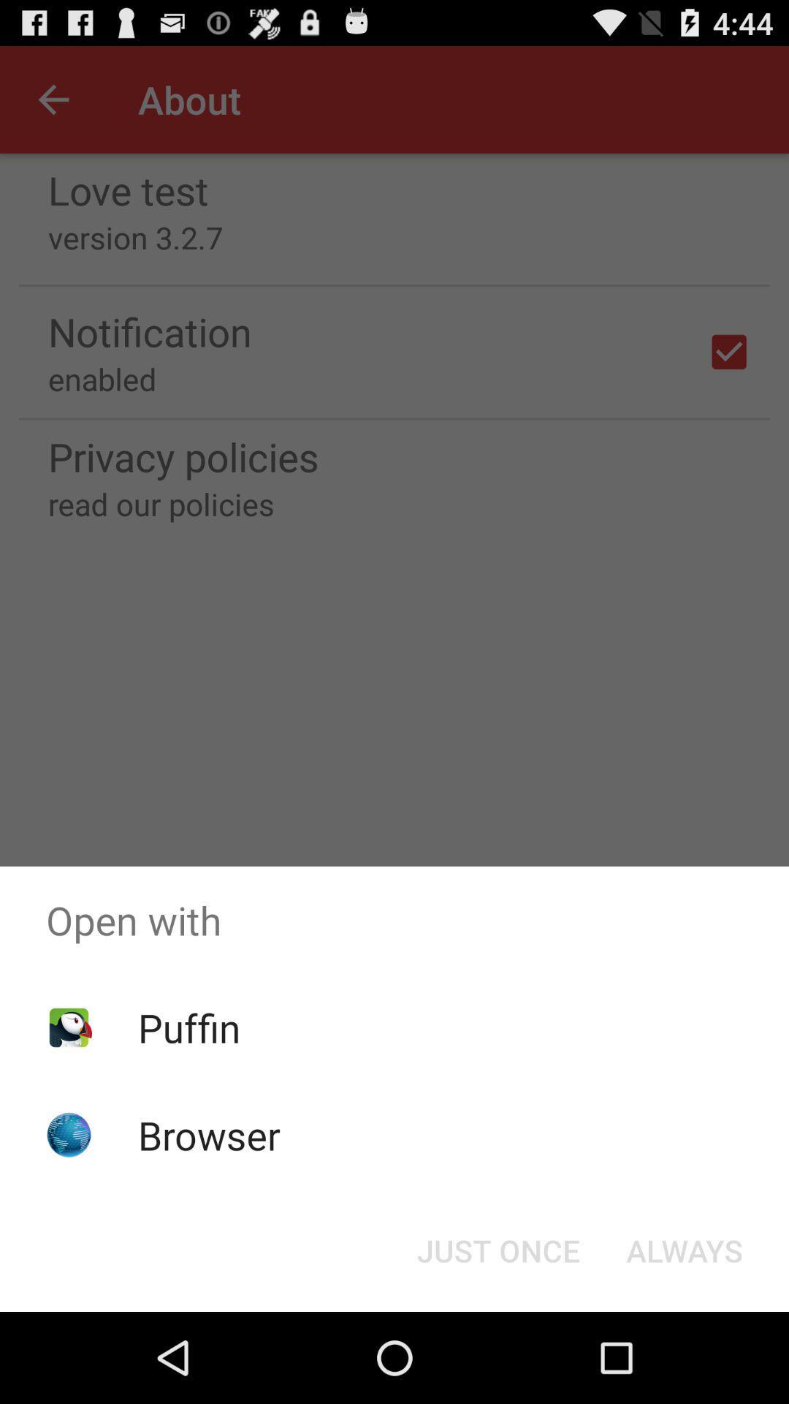 The height and width of the screenshot is (1404, 789). Describe the element at coordinates (498, 1249) in the screenshot. I see `icon at the bottom` at that location.